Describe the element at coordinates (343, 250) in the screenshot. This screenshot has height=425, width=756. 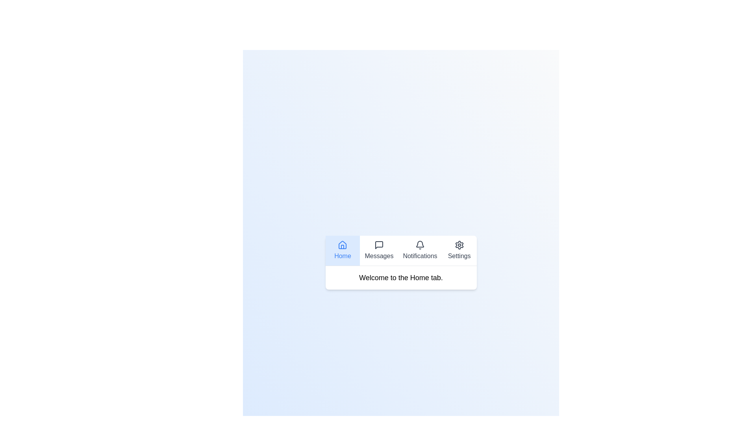
I see `the 'Home' tab in the navigation bar` at that location.